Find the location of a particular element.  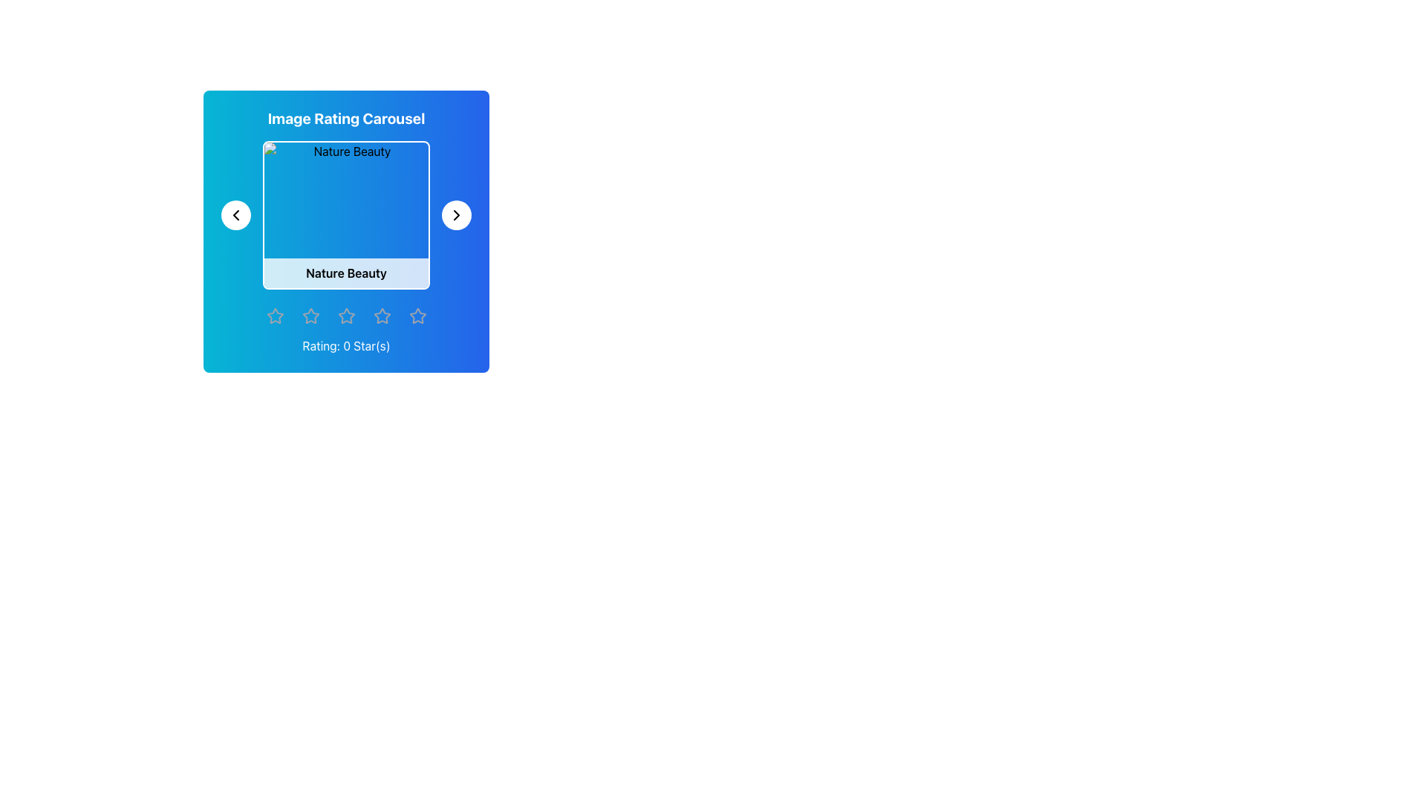

the small right-facing chevron icon located to the right of the 'Nature Beauty' image display box is located at coordinates (455, 215).